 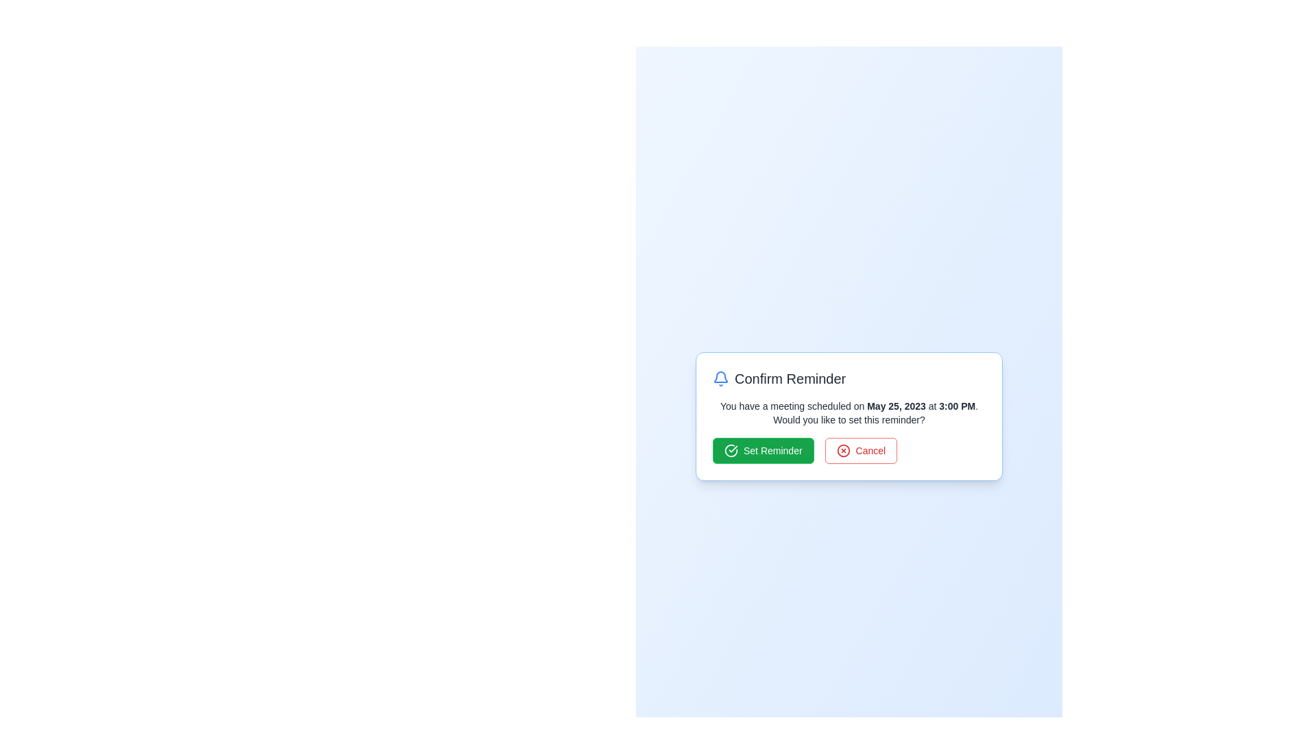 What do you see at coordinates (842, 451) in the screenshot?
I see `the Graphic Circle component, which is part of the cancel icon in the upper-right corner of the informational dialog box` at bounding box center [842, 451].